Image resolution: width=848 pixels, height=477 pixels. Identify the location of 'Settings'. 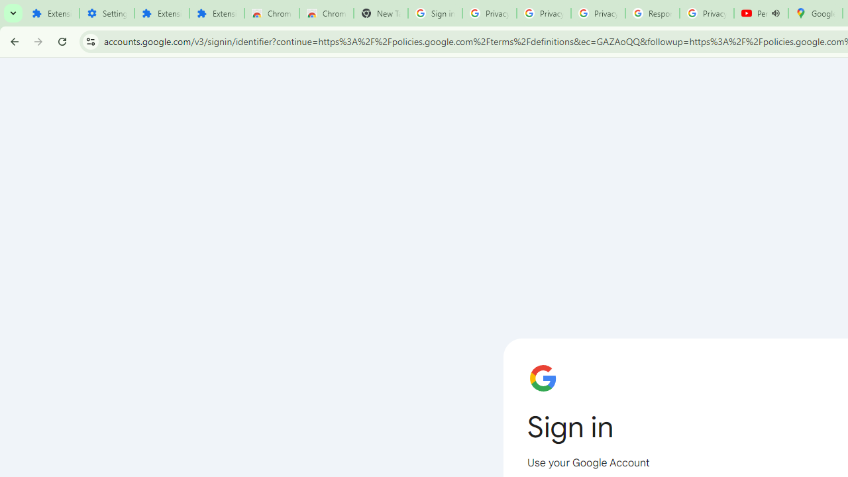
(107, 13).